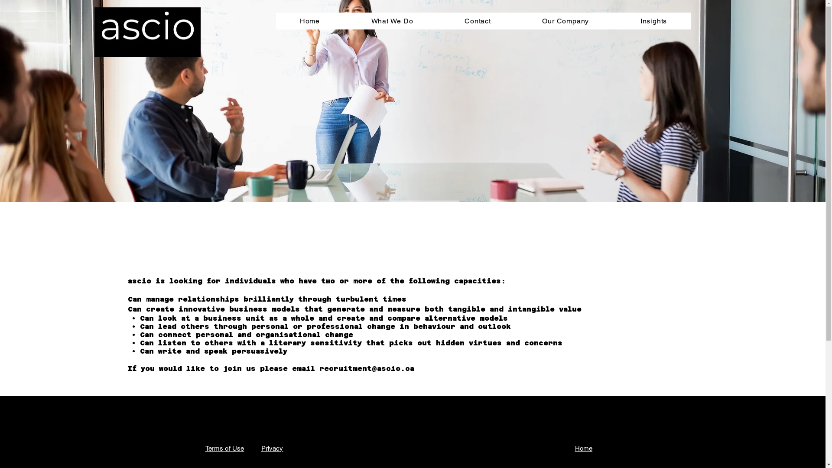 The height and width of the screenshot is (468, 832). I want to click on 'Terms of Use', so click(224, 448).